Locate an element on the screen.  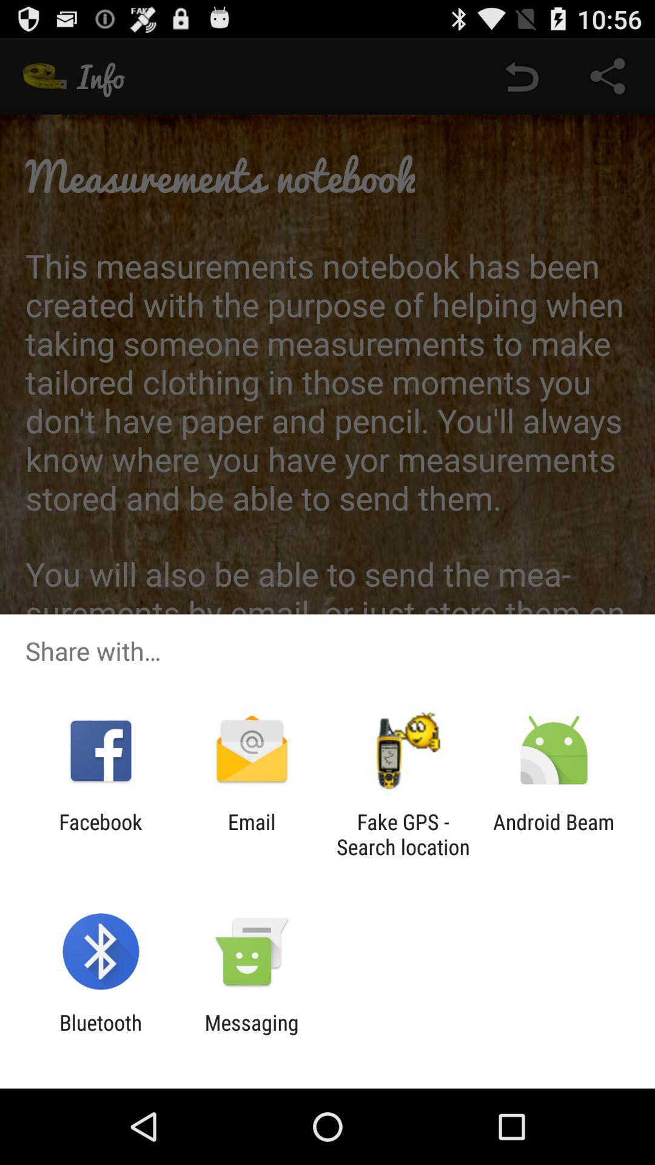
item at the bottom right corner is located at coordinates (554, 834).